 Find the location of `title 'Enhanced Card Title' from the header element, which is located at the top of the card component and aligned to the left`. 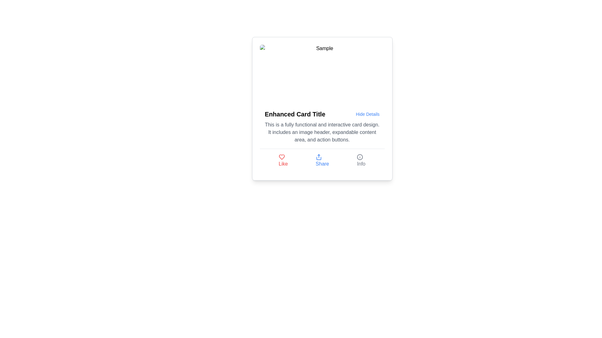

title 'Enhanced Card Title' from the header element, which is located at the top of the card component and aligned to the left is located at coordinates (322, 114).